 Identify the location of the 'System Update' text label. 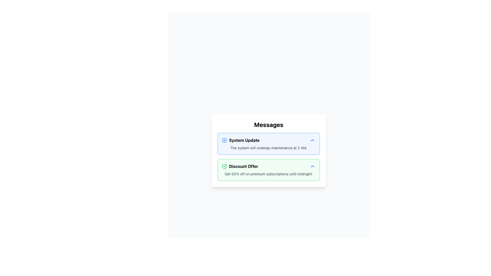
(244, 140).